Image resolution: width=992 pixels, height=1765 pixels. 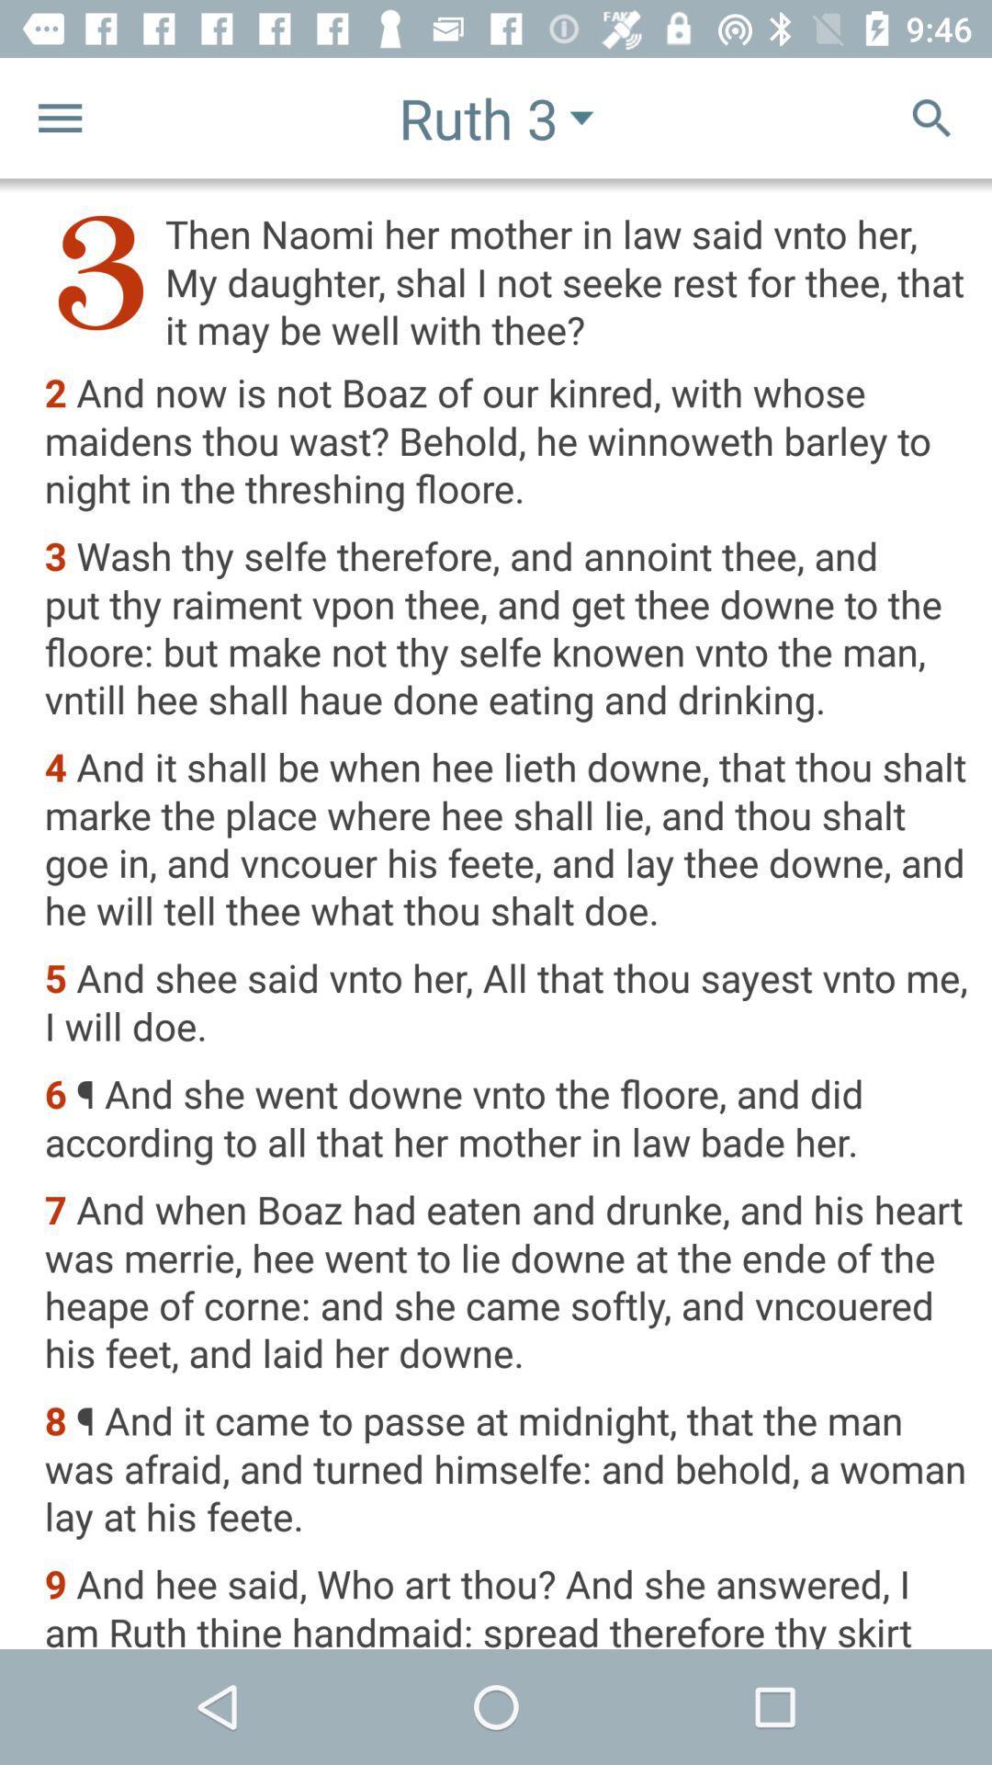 I want to click on the item above the 6 and she item, so click(x=506, y=1003).